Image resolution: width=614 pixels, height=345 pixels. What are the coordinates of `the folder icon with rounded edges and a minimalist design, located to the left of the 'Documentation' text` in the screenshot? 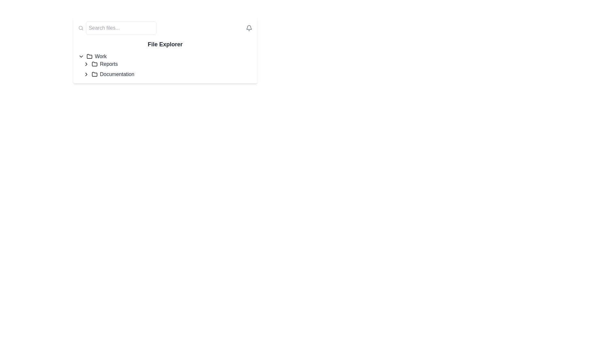 It's located at (94, 74).